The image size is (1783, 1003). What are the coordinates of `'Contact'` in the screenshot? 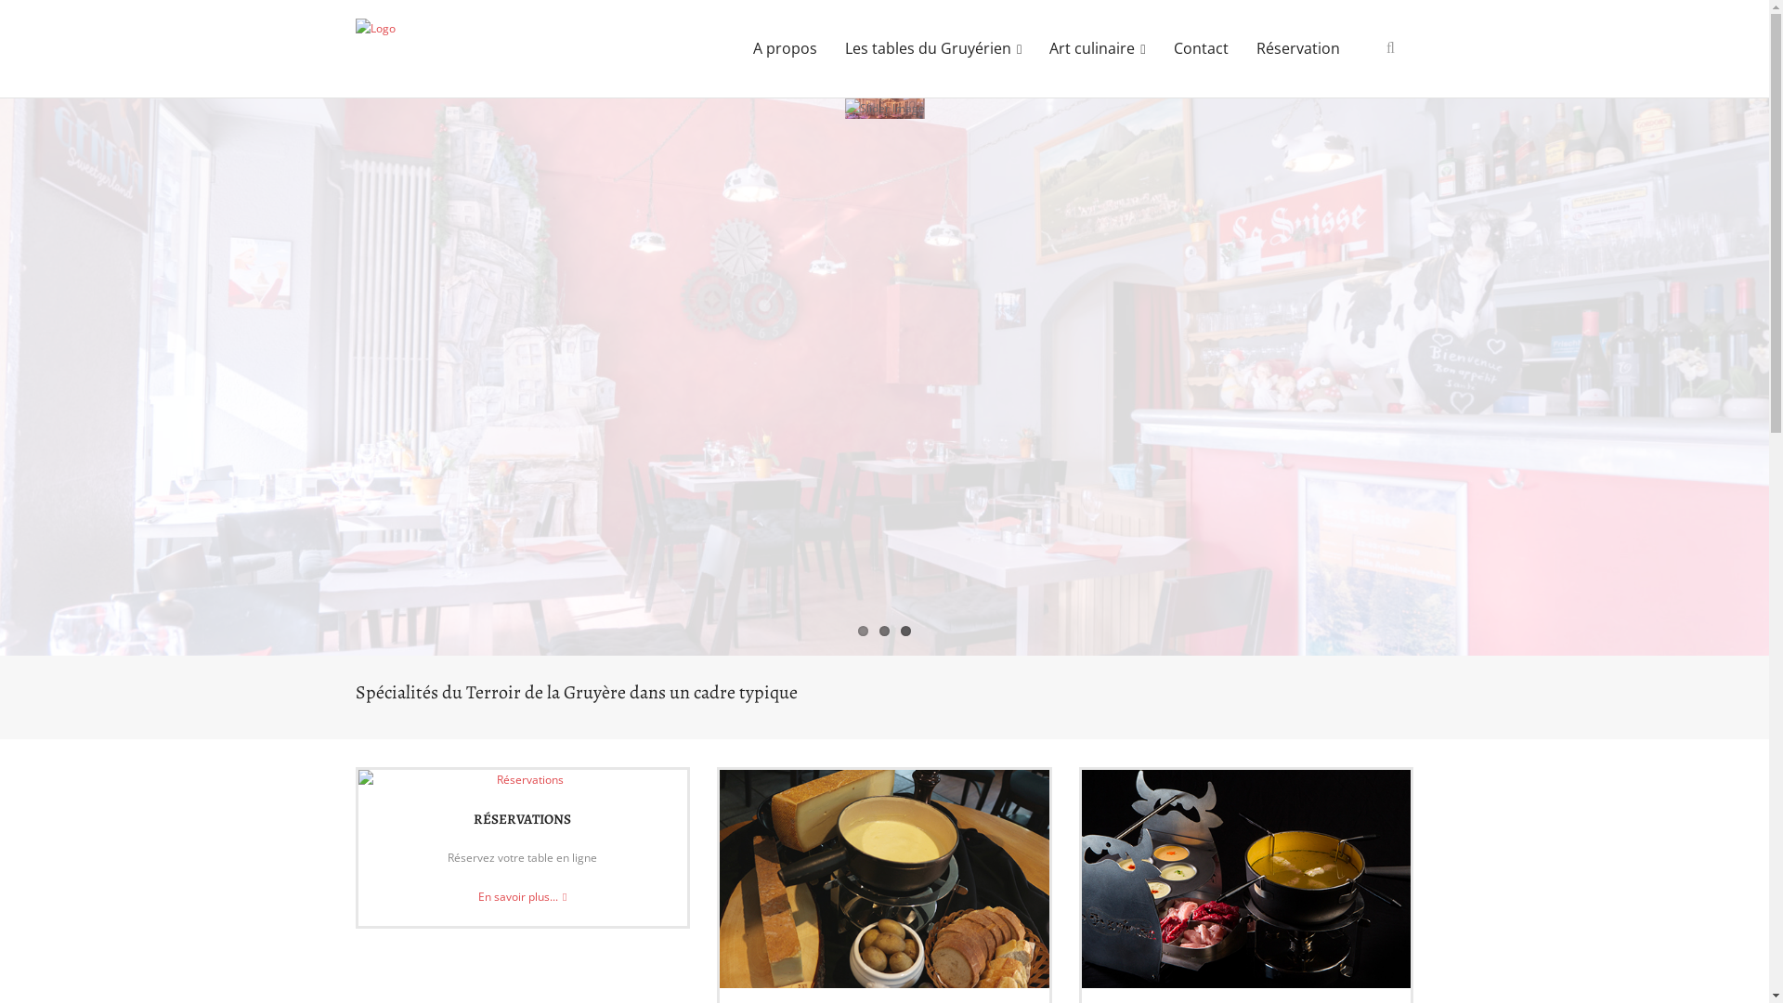 It's located at (1200, 47).